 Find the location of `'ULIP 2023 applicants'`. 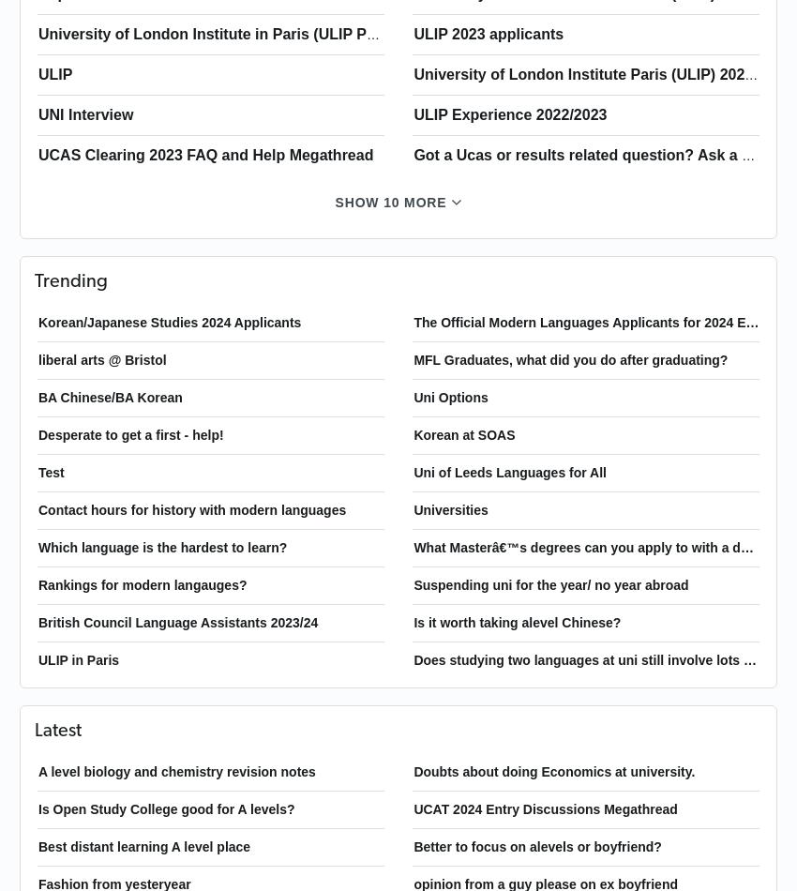

'ULIP 2023 applicants' is located at coordinates (412, 34).